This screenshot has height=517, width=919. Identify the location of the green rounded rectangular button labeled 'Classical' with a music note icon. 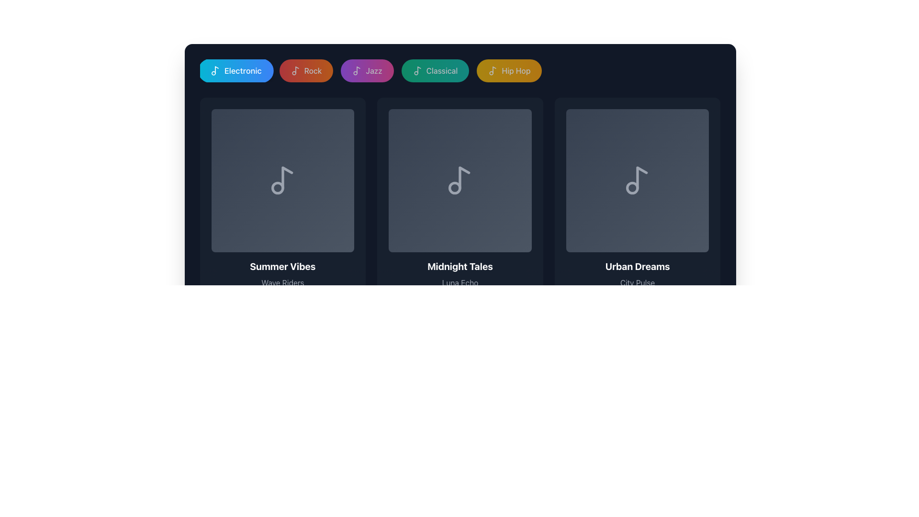
(460, 70).